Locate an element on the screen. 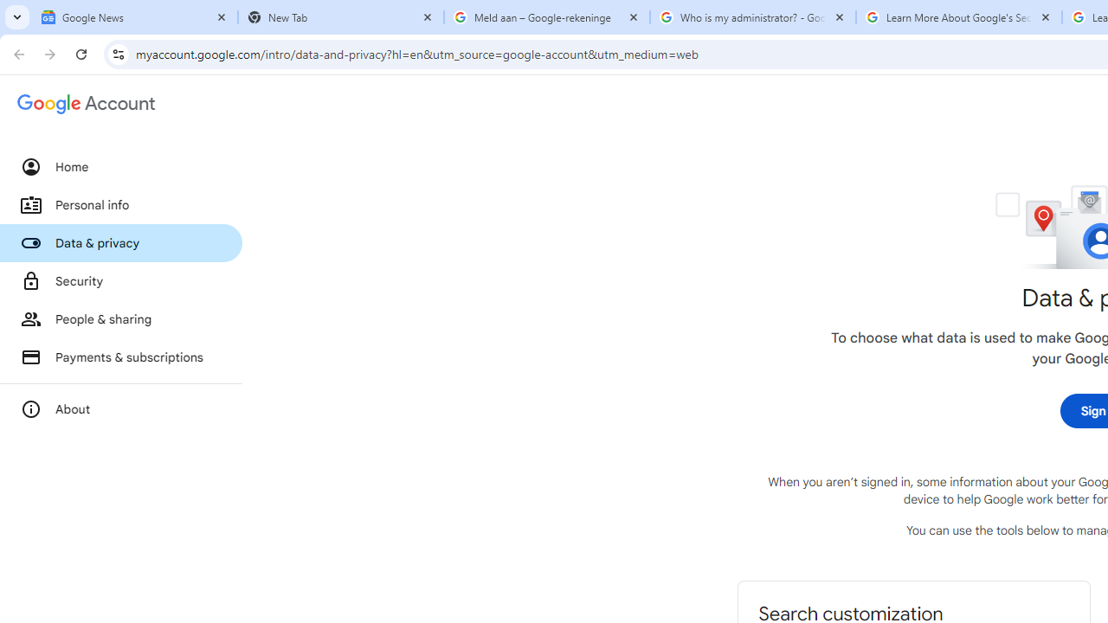 This screenshot has width=1108, height=623. 'People & sharing' is located at coordinates (120, 318).